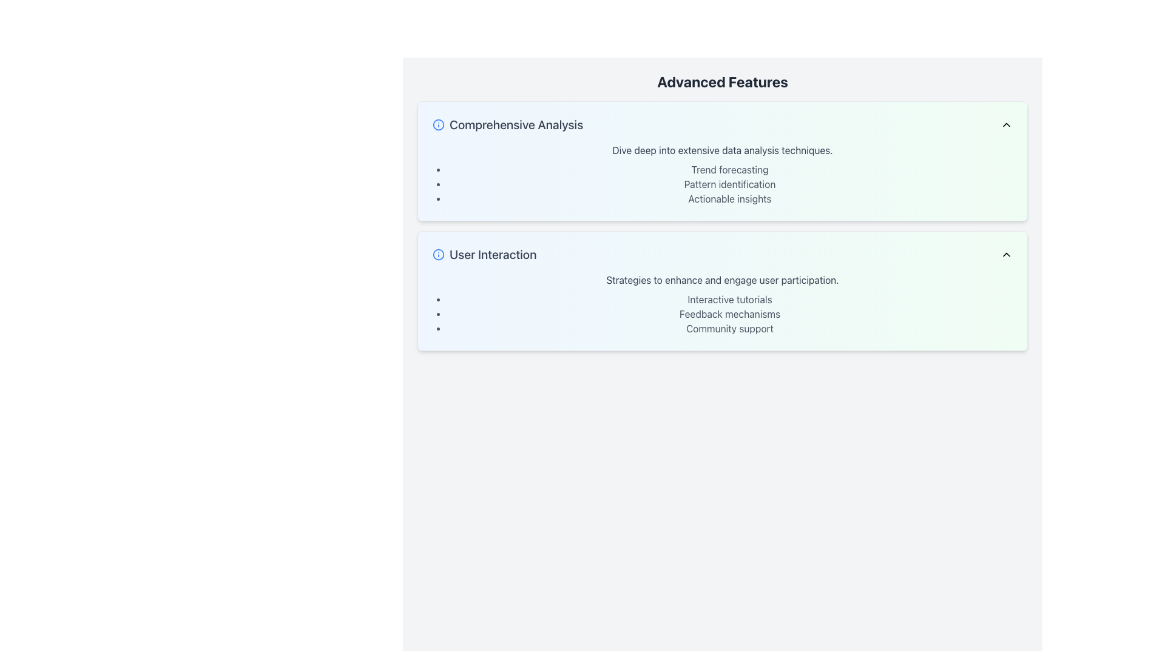 The width and height of the screenshot is (1165, 655). What do you see at coordinates (1007, 124) in the screenshot?
I see `the icon button located at the upper-right corner of the 'Comprehensive Analysis' section` at bounding box center [1007, 124].